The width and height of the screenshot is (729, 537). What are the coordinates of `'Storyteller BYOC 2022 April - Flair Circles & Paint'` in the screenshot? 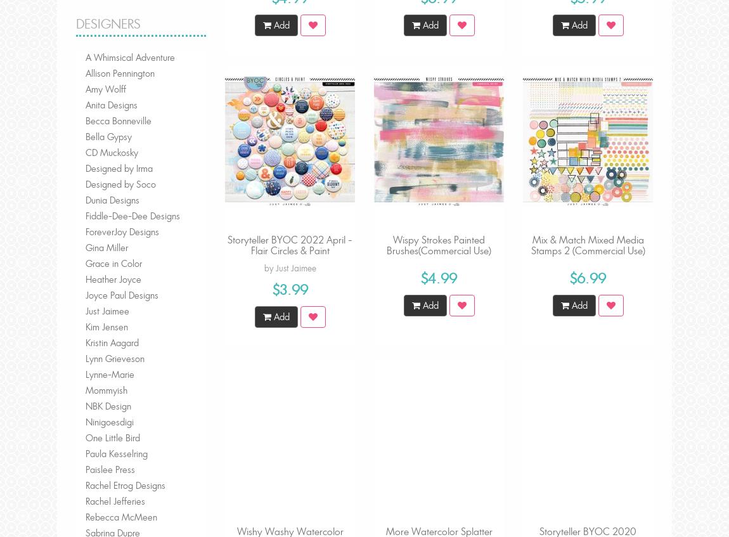 It's located at (290, 243).